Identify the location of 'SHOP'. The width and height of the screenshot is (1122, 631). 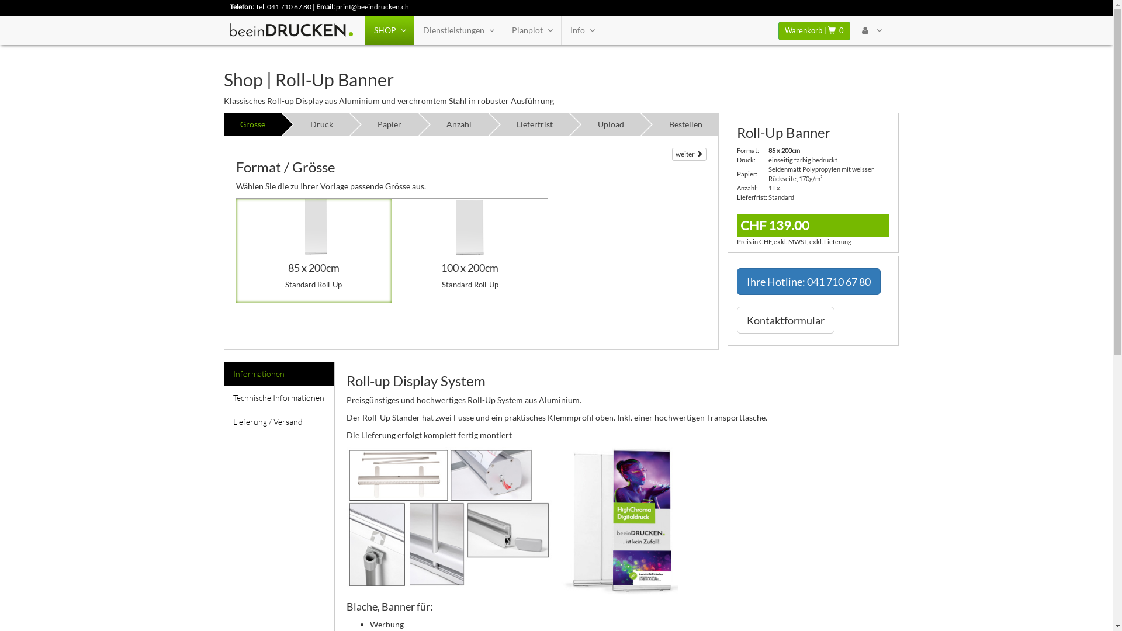
(389, 29).